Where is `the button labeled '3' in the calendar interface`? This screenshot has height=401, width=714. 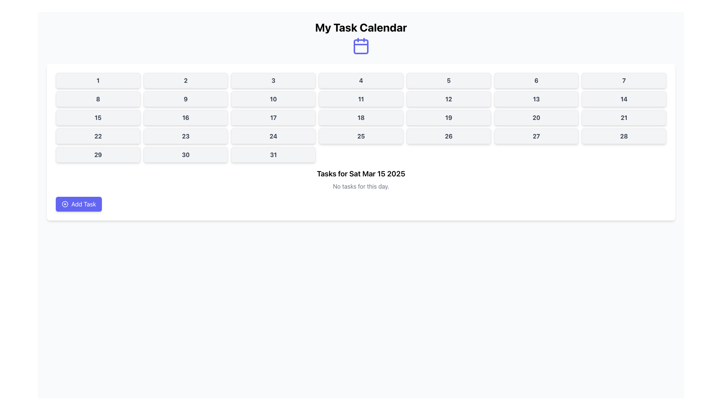
the button labeled '3' in the calendar interface is located at coordinates (273, 80).